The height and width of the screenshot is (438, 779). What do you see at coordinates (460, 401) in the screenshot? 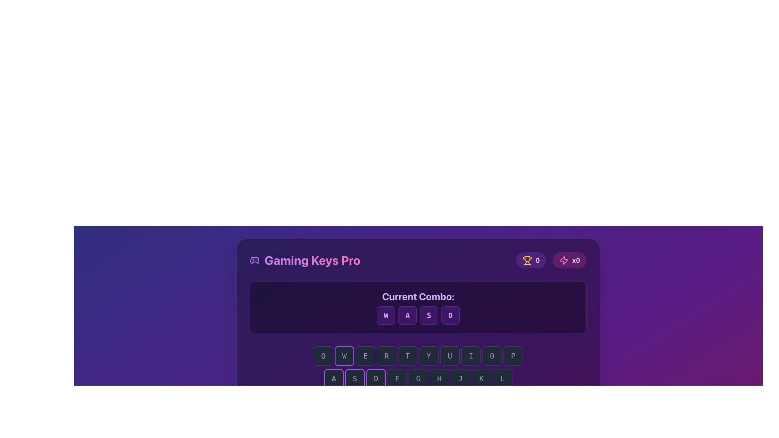
I see `the rectangular button labeled 'N' with a dark grayish background and a purplish border, positioned sixth in a horizontal group of buttons` at bounding box center [460, 401].